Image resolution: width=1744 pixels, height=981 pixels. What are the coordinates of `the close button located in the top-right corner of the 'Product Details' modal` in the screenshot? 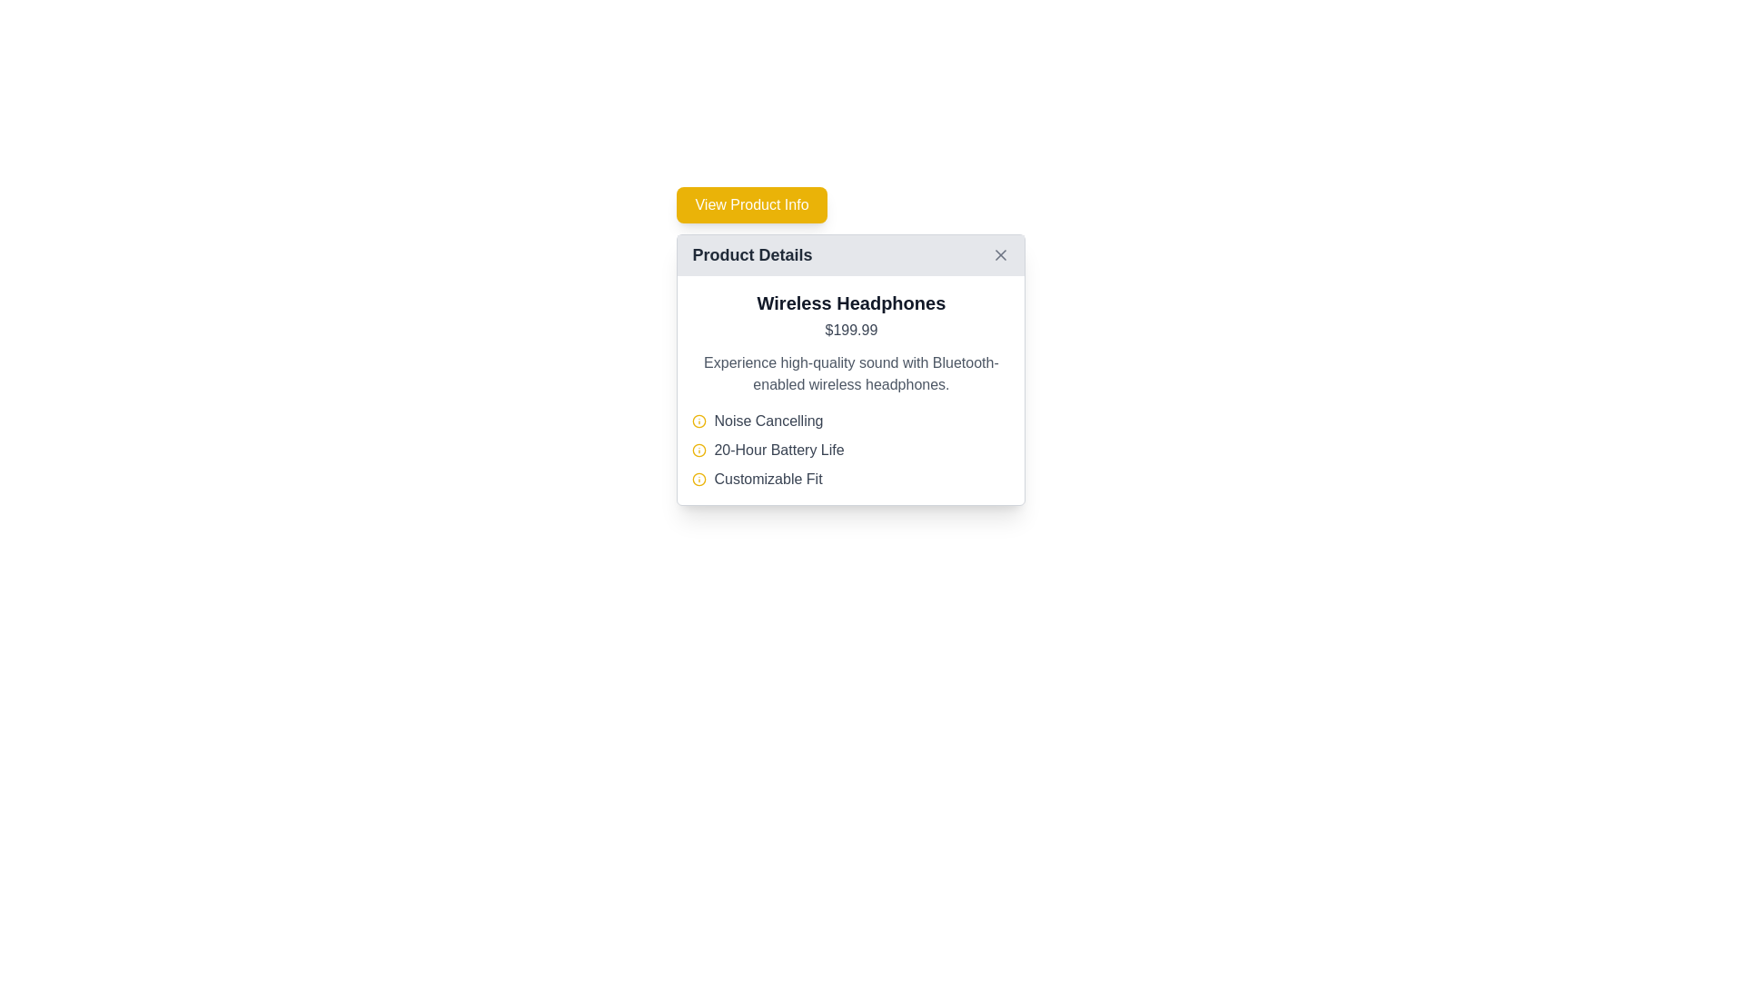 It's located at (1000, 255).